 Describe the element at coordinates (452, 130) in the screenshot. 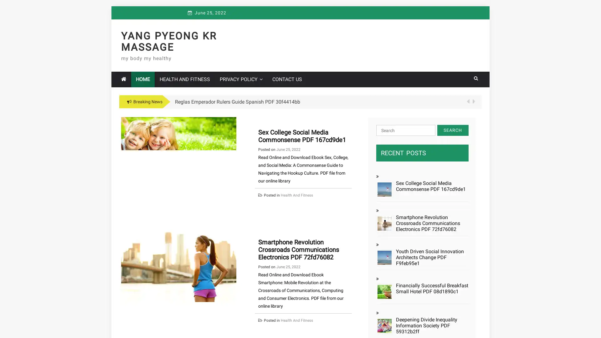

I see `Search` at that location.